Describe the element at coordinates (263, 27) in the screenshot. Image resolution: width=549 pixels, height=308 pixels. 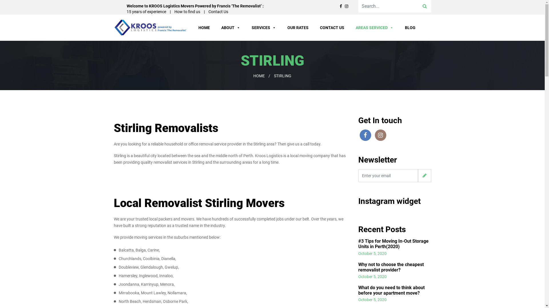
I see `'SERVICES'` at that location.